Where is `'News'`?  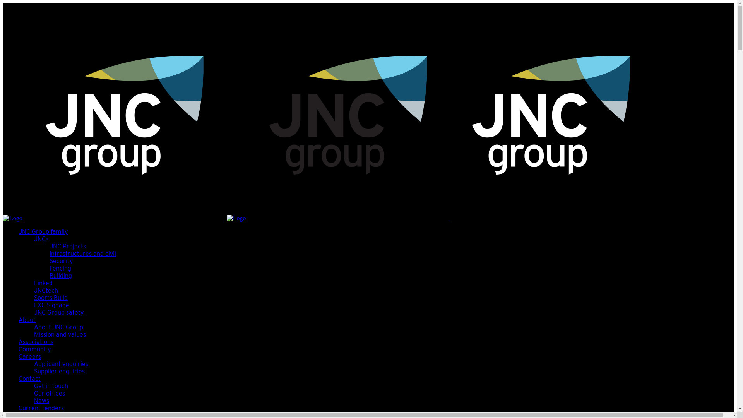
'News' is located at coordinates (41, 401).